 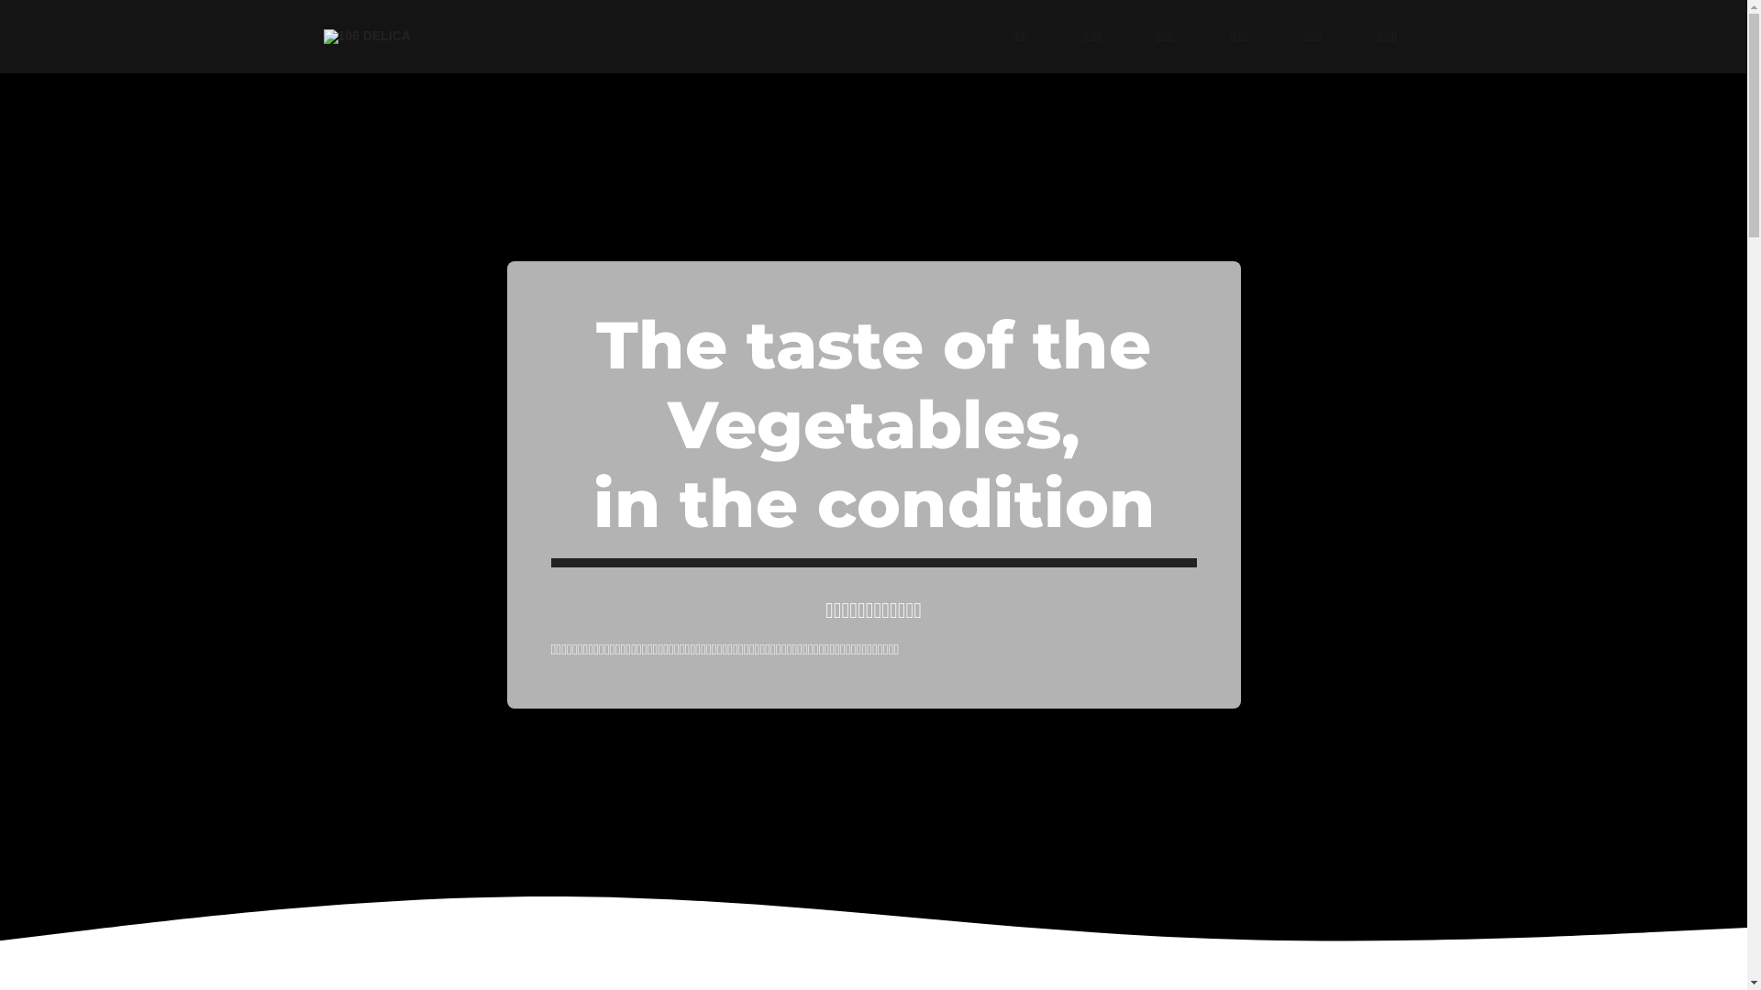 I want to click on '106 DELICA', so click(x=322, y=36).